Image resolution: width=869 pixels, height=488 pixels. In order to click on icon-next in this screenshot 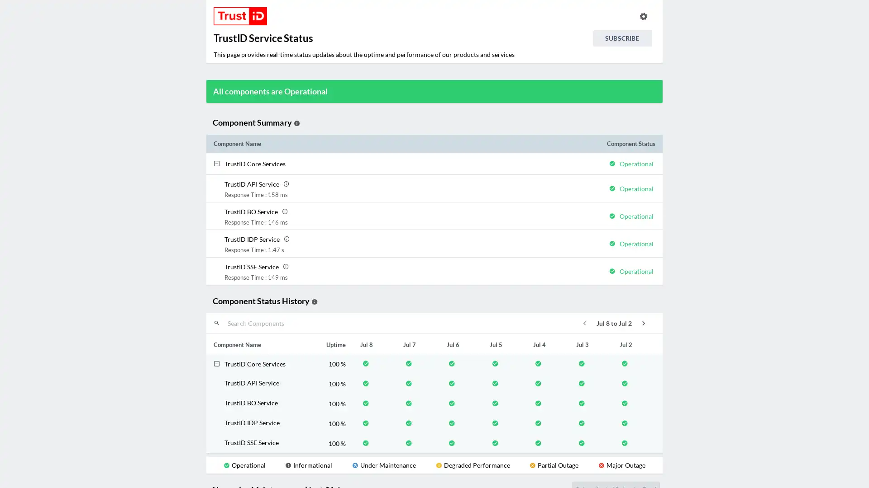, I will do `click(643, 322)`.